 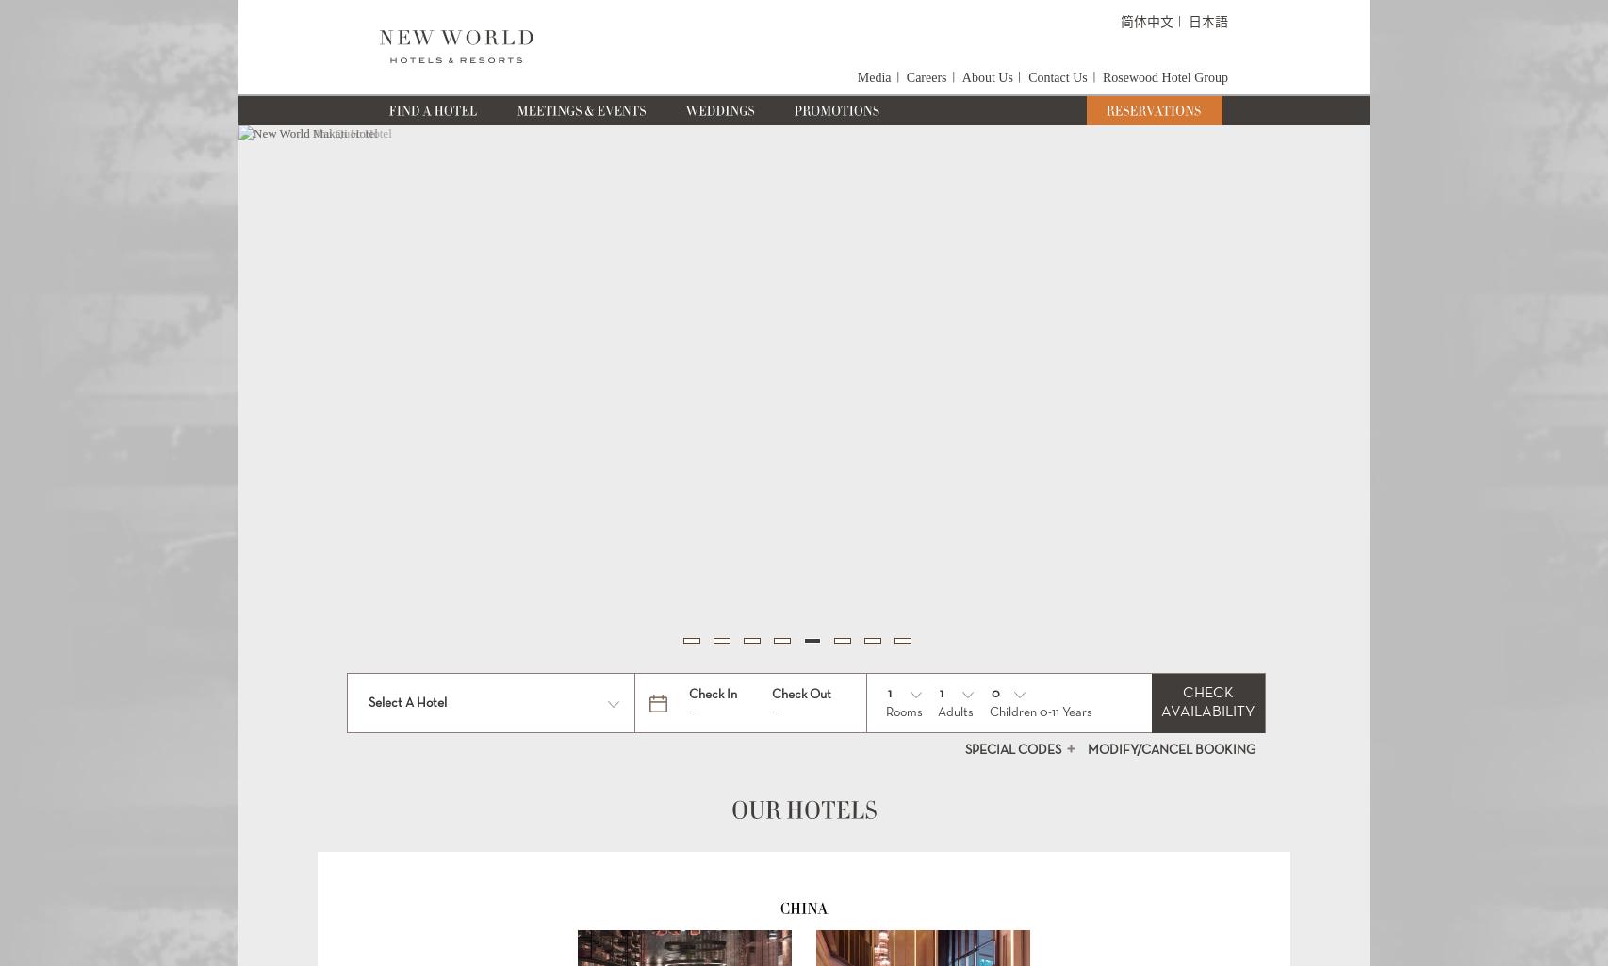 What do you see at coordinates (711, 694) in the screenshot?
I see `'Check In'` at bounding box center [711, 694].